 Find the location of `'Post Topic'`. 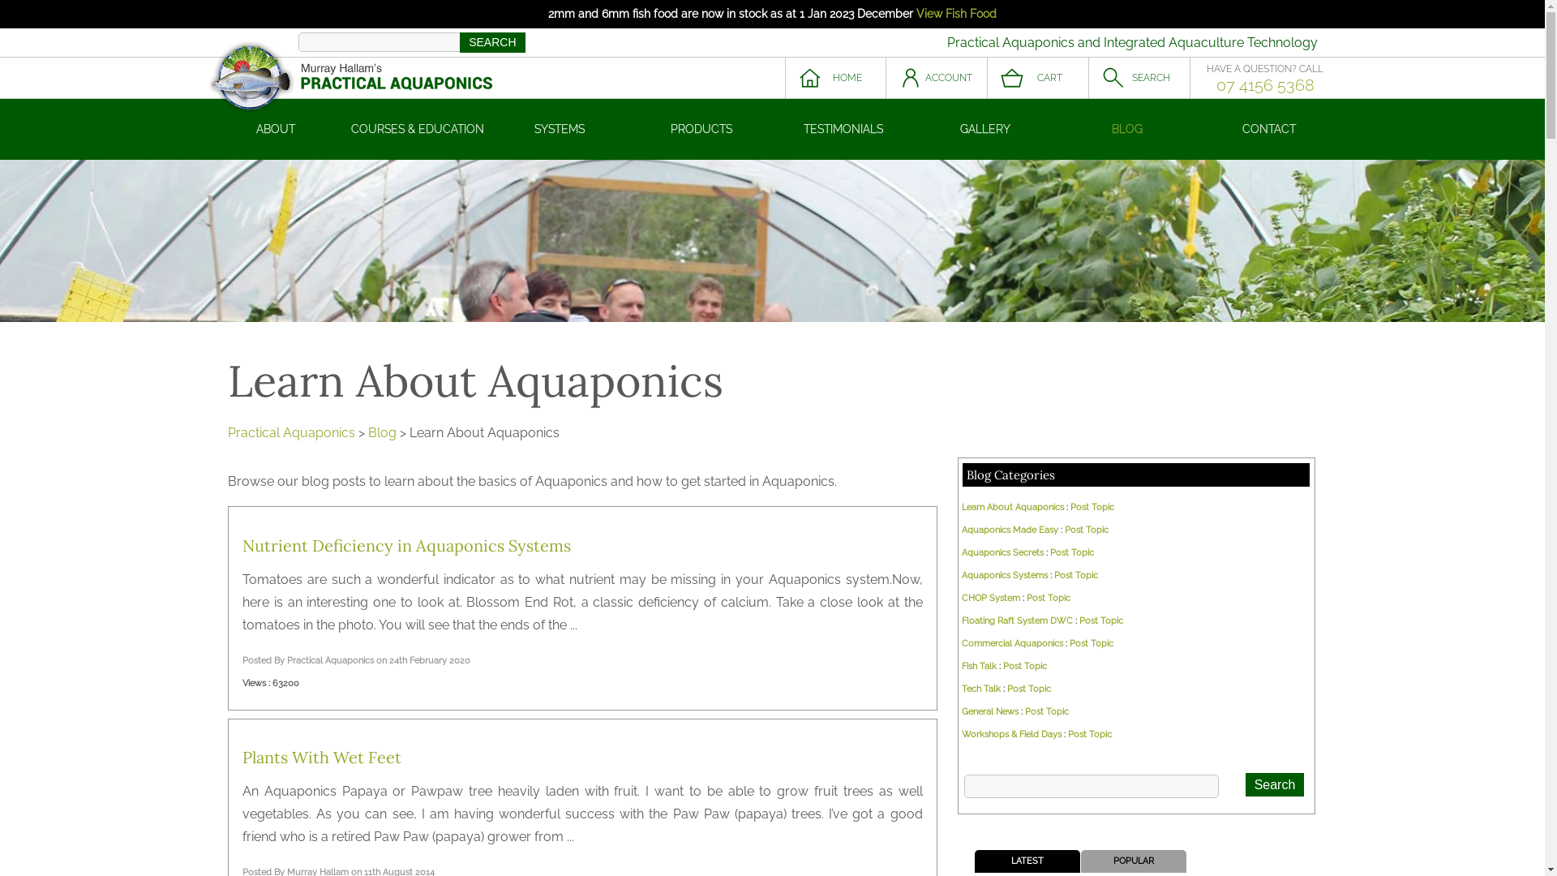

'Post Topic' is located at coordinates (1101, 620).